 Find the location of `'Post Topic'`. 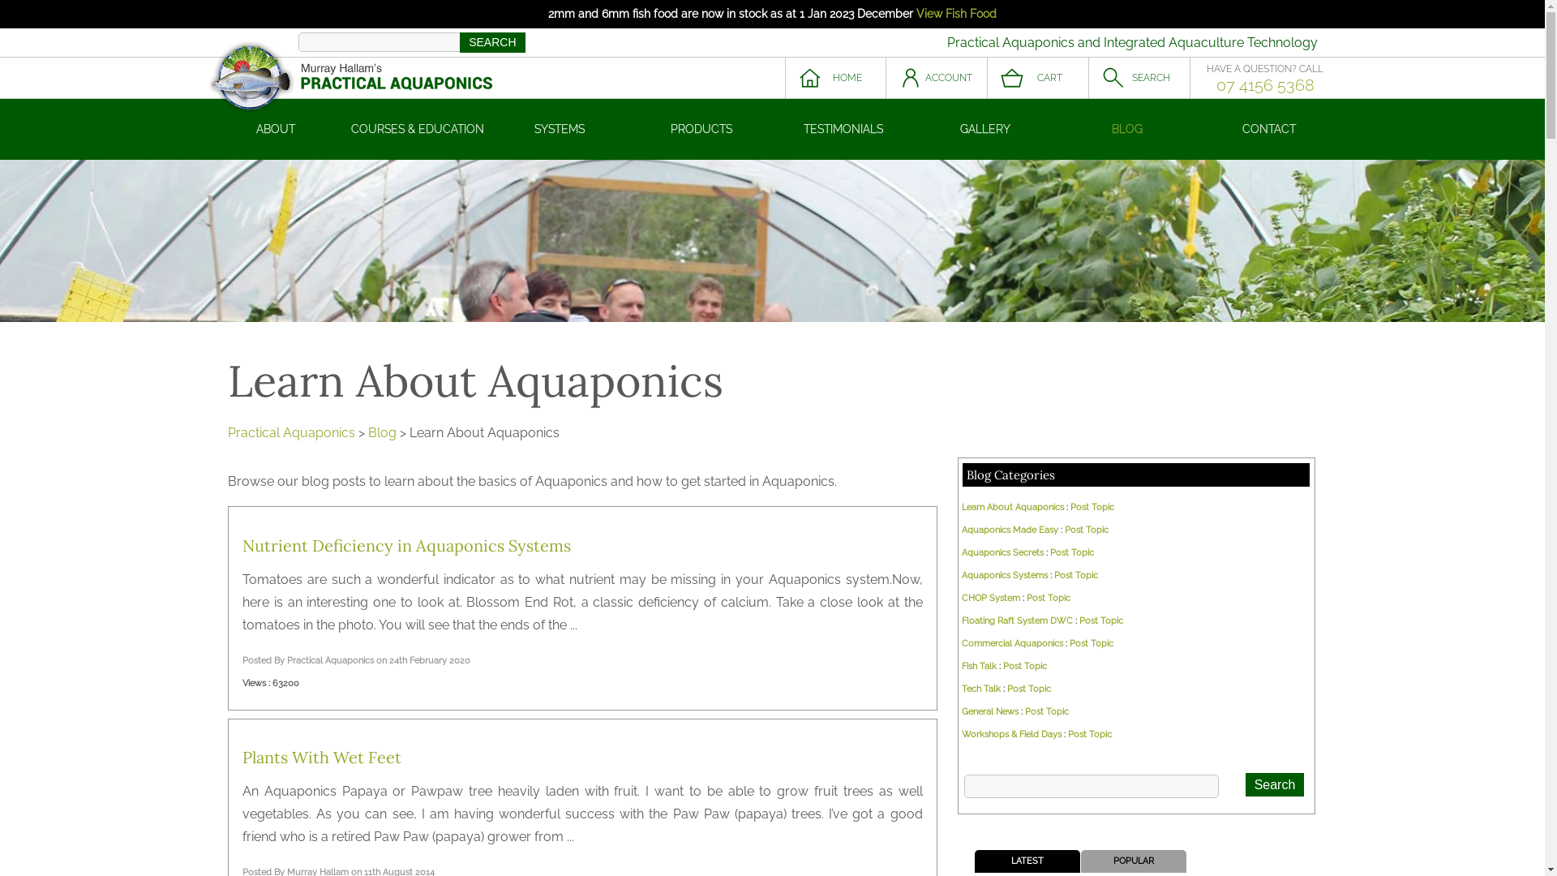

'Post Topic' is located at coordinates (1101, 620).